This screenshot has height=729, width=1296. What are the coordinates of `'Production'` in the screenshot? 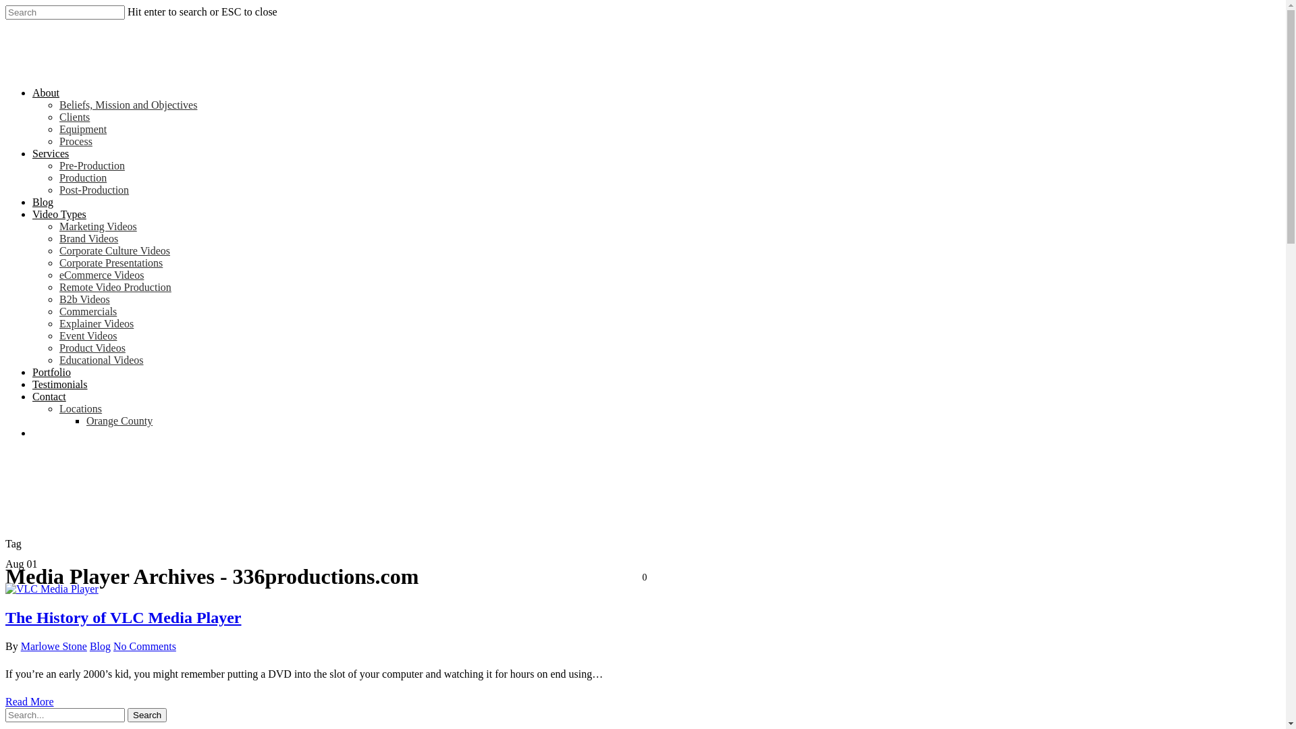 It's located at (58, 177).